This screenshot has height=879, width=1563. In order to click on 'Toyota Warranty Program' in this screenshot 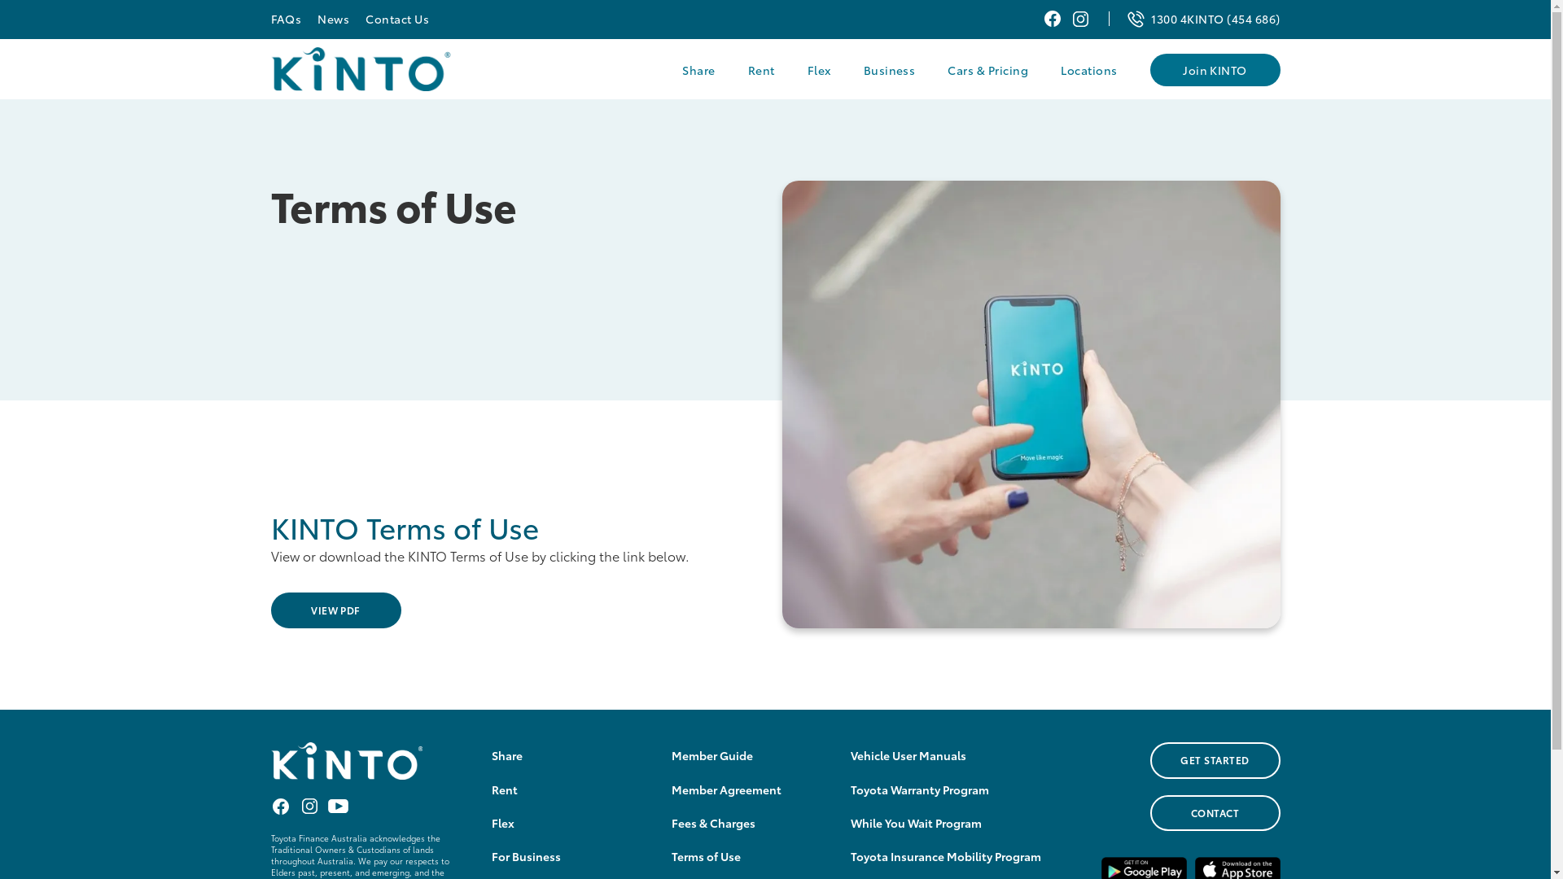, I will do `click(919, 788)`.